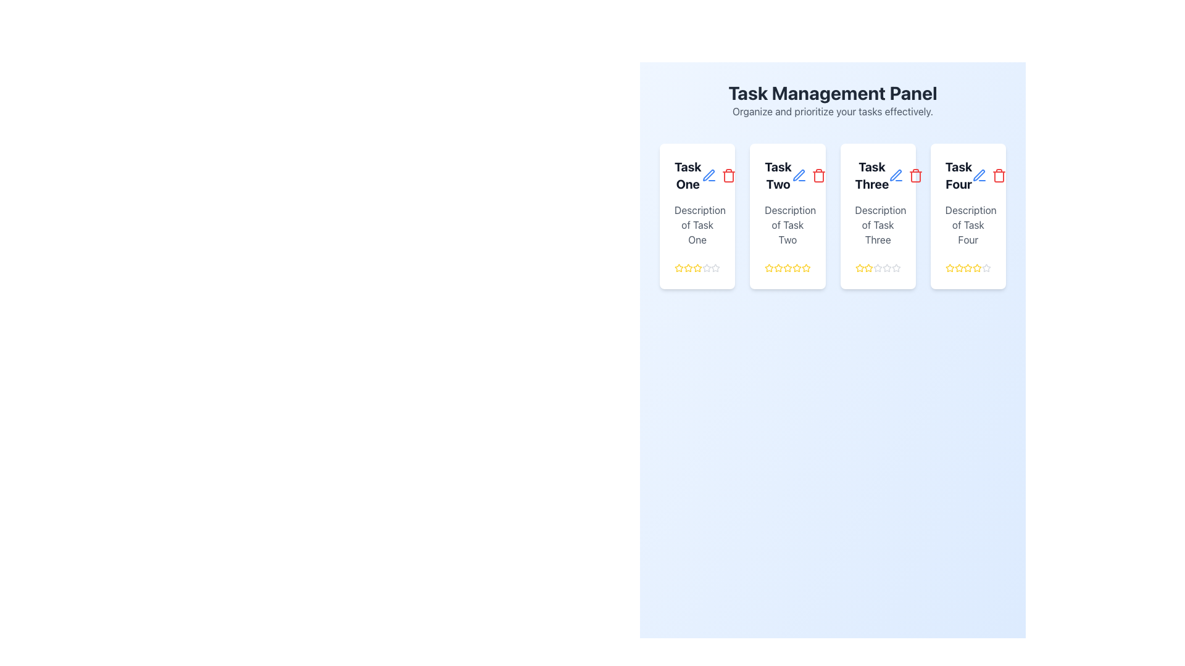 This screenshot has height=666, width=1185. I want to click on the trash icon located at the top right corner of the 'Task Four' card, so click(989, 176).